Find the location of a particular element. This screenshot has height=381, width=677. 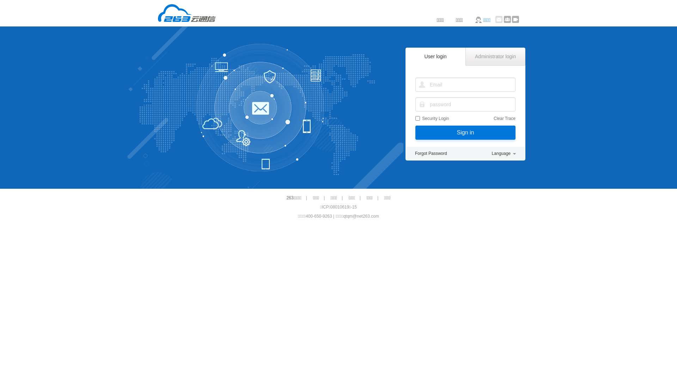

'Forgot Password' is located at coordinates (431, 153).